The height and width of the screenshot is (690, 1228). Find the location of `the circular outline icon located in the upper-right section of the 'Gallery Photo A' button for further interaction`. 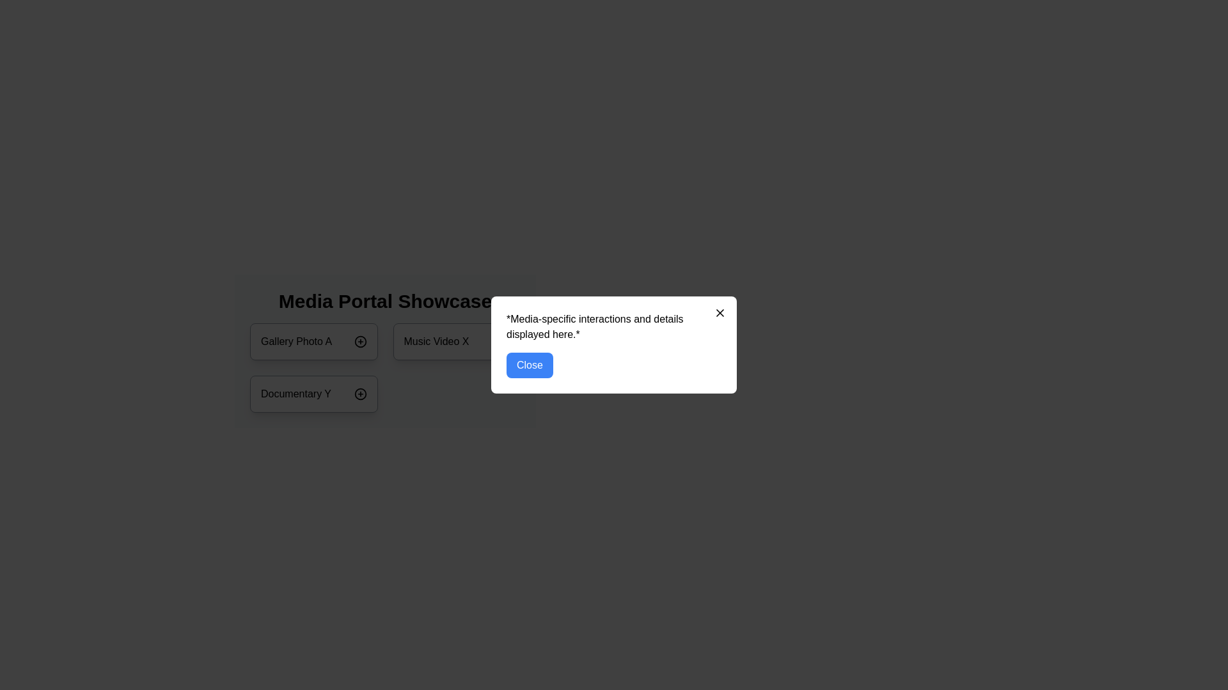

the circular outline icon located in the upper-right section of the 'Gallery Photo A' button for further interaction is located at coordinates (359, 341).